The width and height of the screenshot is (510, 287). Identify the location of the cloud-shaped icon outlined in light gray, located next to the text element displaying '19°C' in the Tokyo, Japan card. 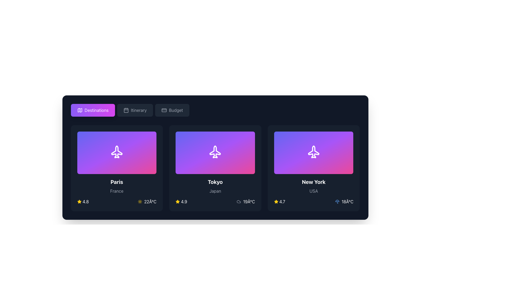
(239, 202).